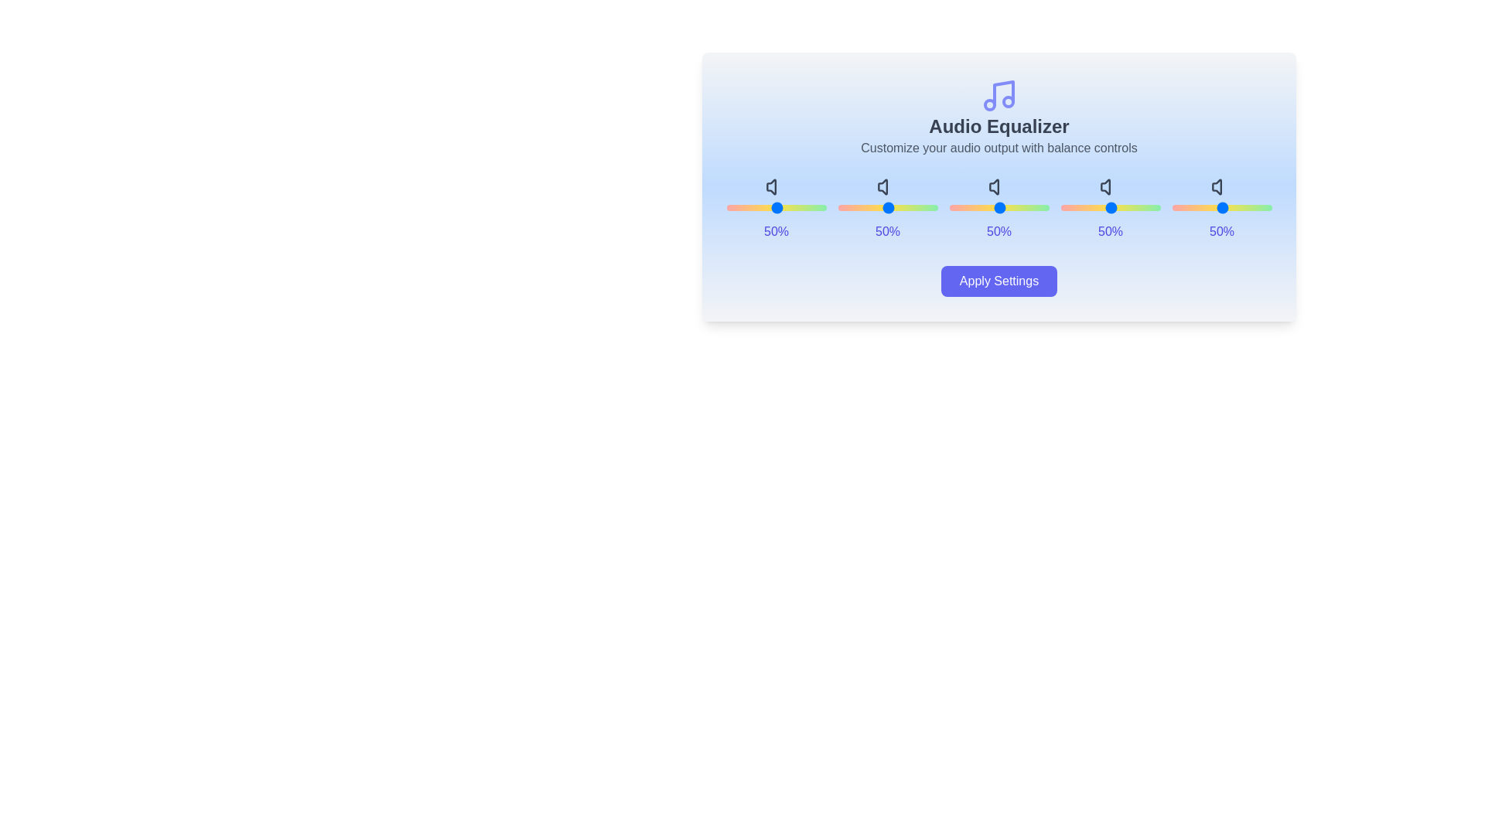  Describe the element at coordinates (1132, 207) in the screenshot. I see `the slider for band 3 to 27%` at that location.